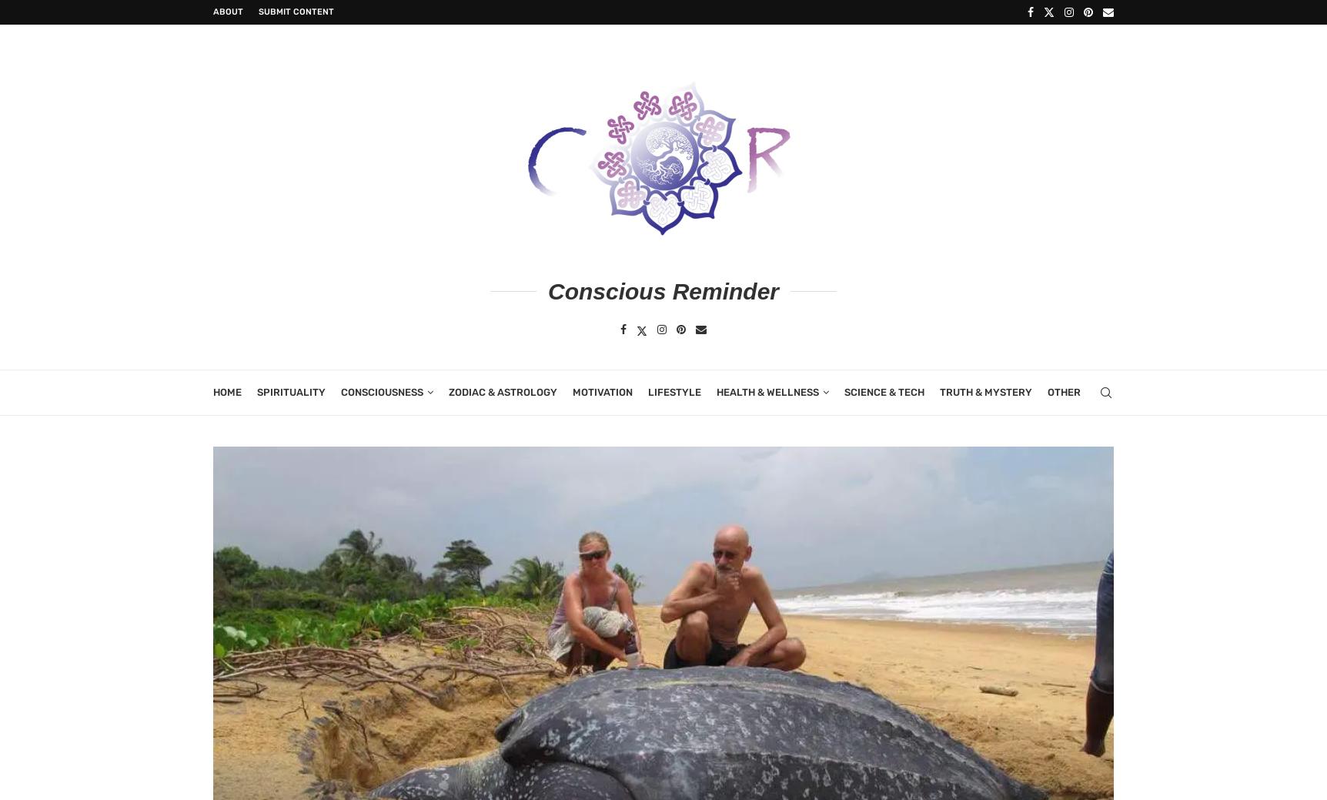 The image size is (1327, 800). I want to click on 'Other', so click(1063, 390).